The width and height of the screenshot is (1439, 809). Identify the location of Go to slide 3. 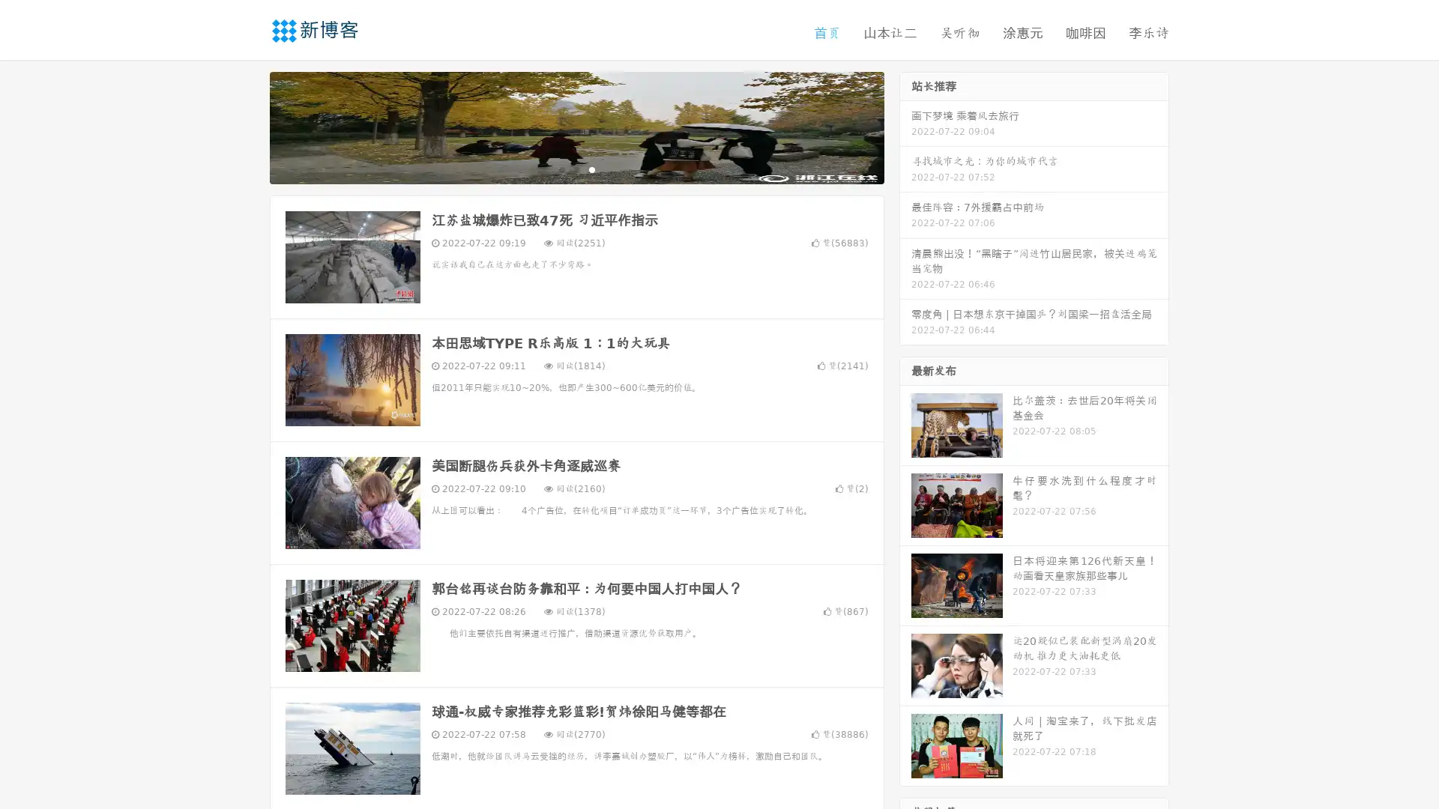
(591, 169).